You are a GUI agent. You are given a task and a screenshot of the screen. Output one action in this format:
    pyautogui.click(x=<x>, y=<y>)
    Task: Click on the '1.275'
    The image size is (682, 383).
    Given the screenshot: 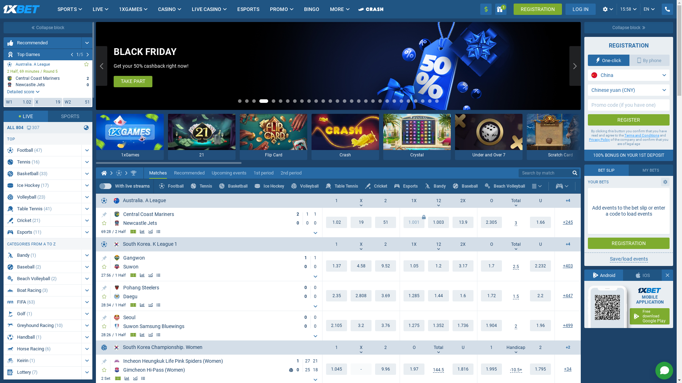 What is the action you would take?
    pyautogui.click(x=414, y=326)
    